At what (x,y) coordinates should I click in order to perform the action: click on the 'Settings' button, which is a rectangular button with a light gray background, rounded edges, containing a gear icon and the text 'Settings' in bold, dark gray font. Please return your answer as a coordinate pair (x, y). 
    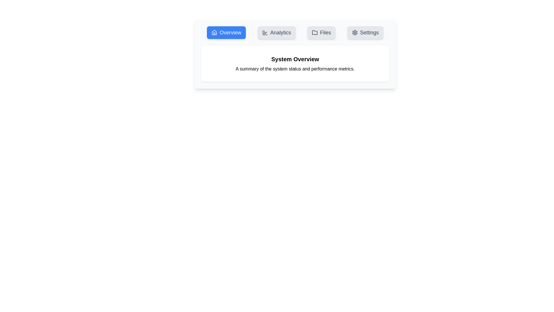
    Looking at the image, I should click on (365, 32).